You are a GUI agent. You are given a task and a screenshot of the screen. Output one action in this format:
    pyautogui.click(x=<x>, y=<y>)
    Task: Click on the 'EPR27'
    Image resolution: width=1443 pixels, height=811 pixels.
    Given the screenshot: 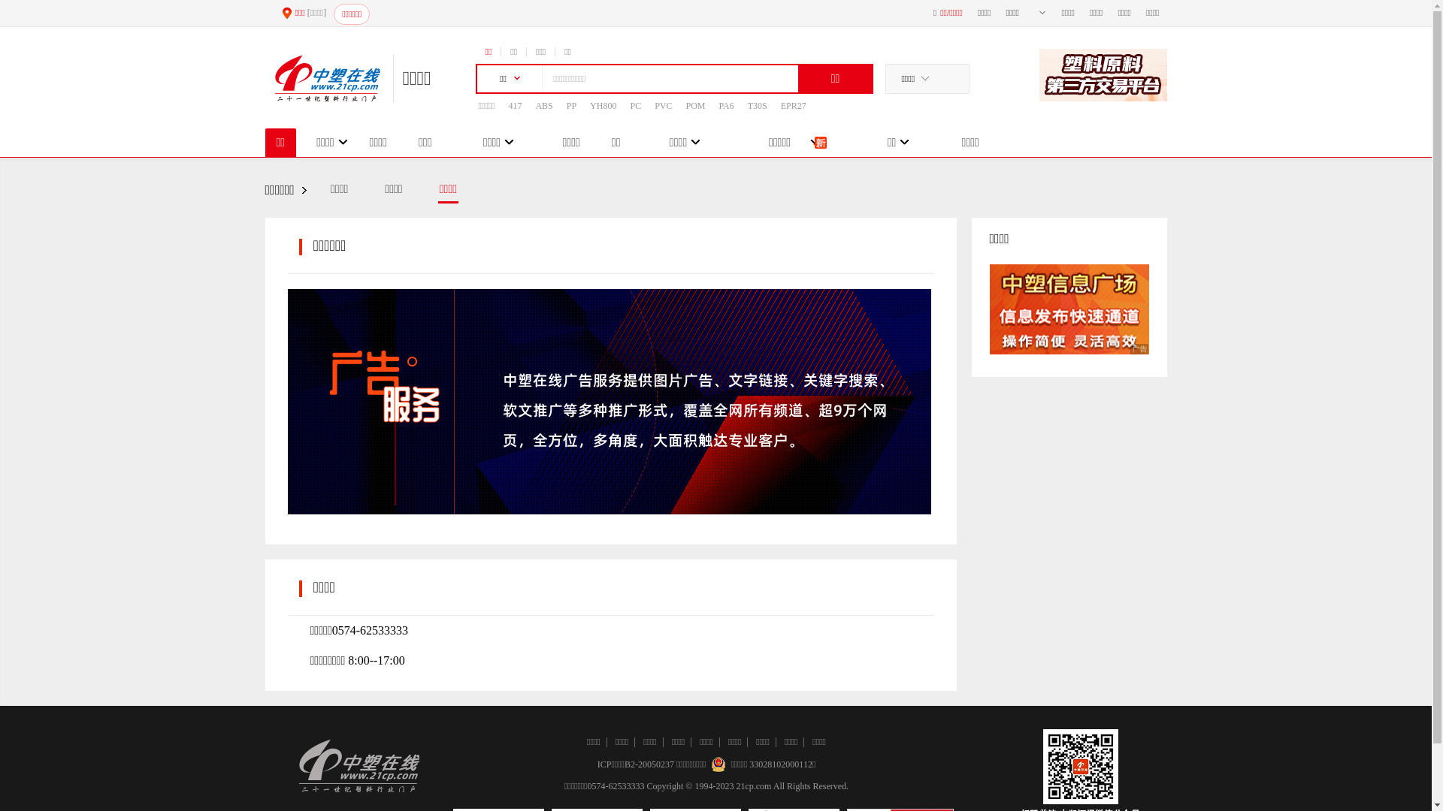 What is the action you would take?
    pyautogui.click(x=793, y=105)
    